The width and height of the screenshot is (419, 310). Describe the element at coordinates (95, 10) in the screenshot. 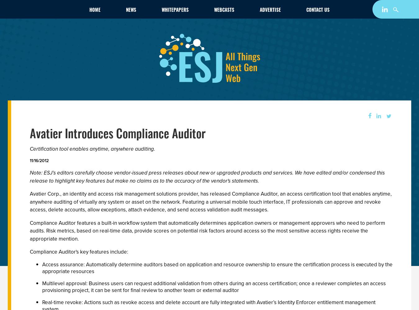

I see `'Home'` at that location.